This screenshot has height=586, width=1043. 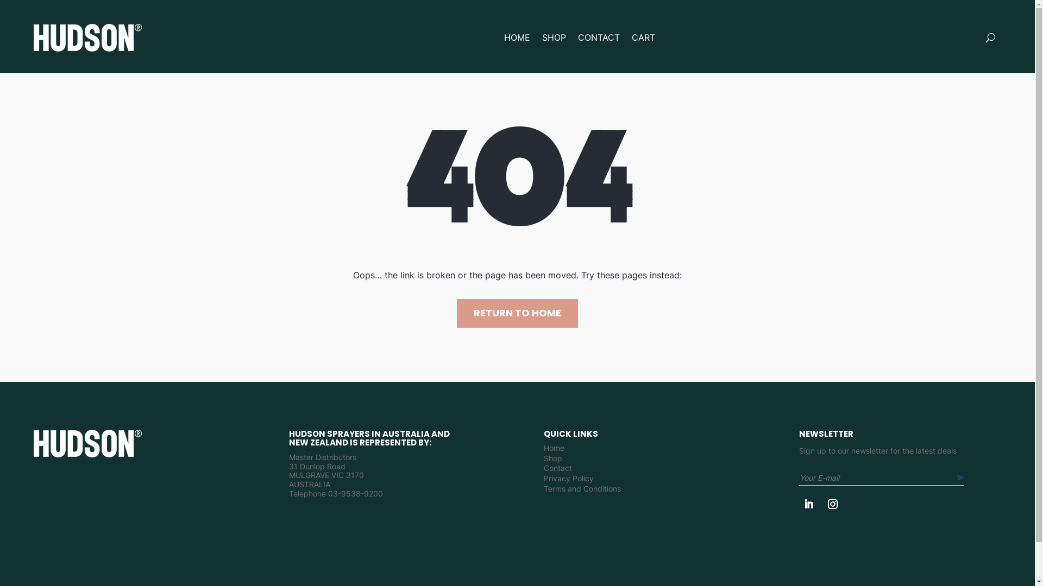 What do you see at coordinates (808, 504) in the screenshot?
I see `'Follow on LinkedIn'` at bounding box center [808, 504].